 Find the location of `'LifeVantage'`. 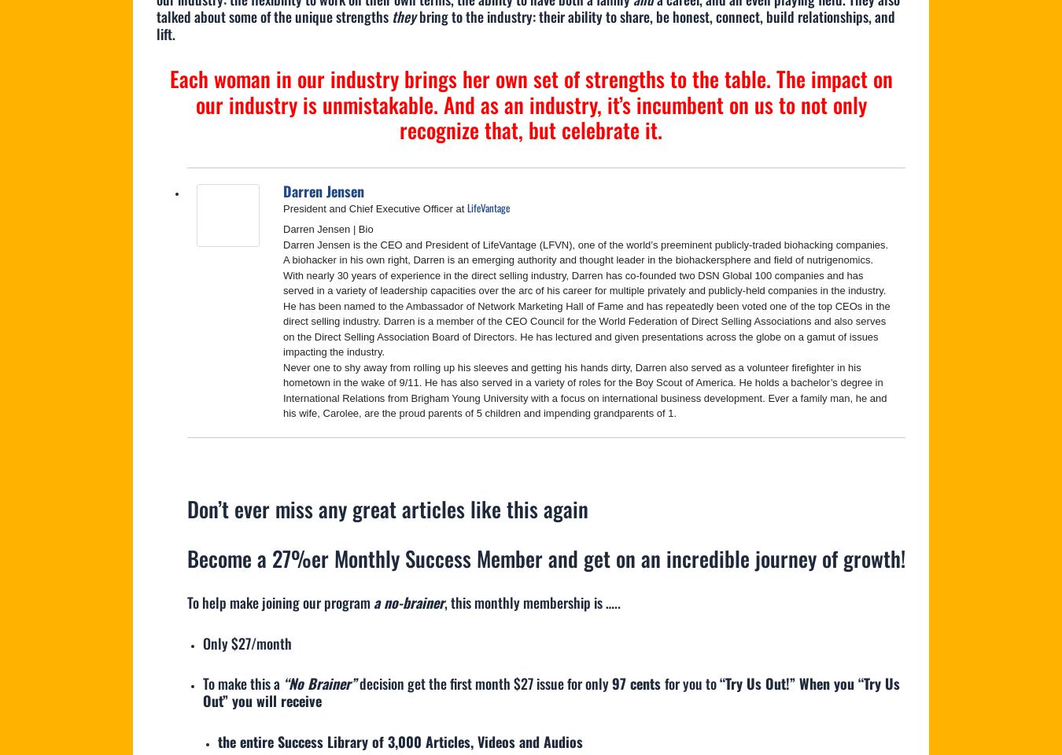

'LifeVantage' is located at coordinates (488, 207).